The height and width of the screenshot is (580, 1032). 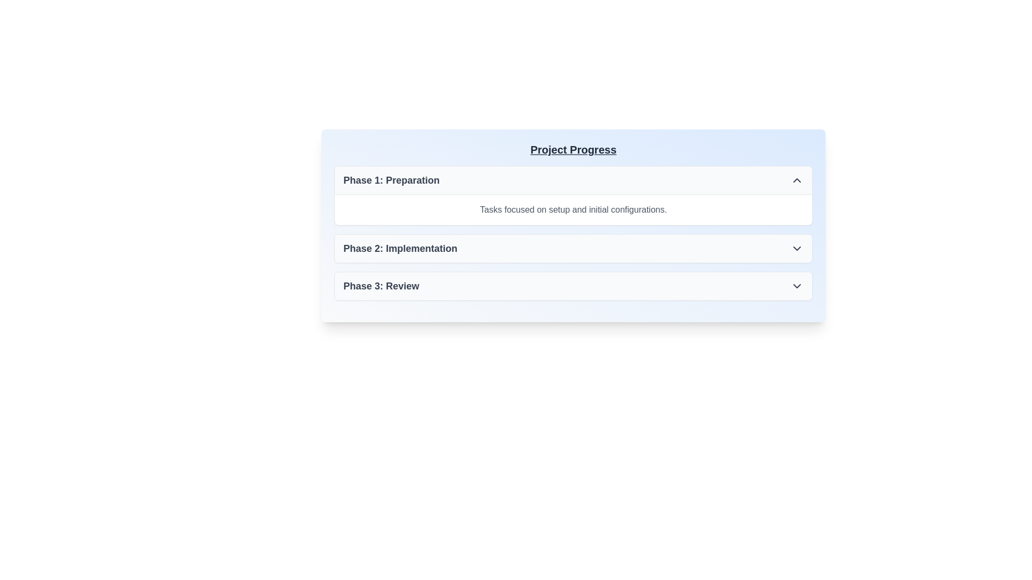 I want to click on the interactive list item labeled 'Phase 3: Review' for accessibility navigation, so click(x=572, y=285).